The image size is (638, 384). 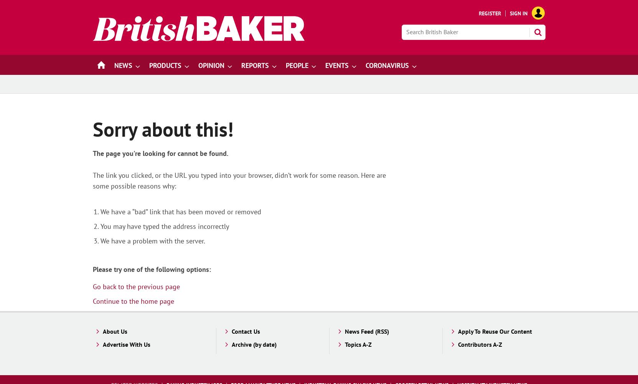 What do you see at coordinates (238, 180) in the screenshot?
I see `'The link you clicked, or the URL you typed into your browser, didn’t work for some reason. Here are some possible reasons why:'` at bounding box center [238, 180].